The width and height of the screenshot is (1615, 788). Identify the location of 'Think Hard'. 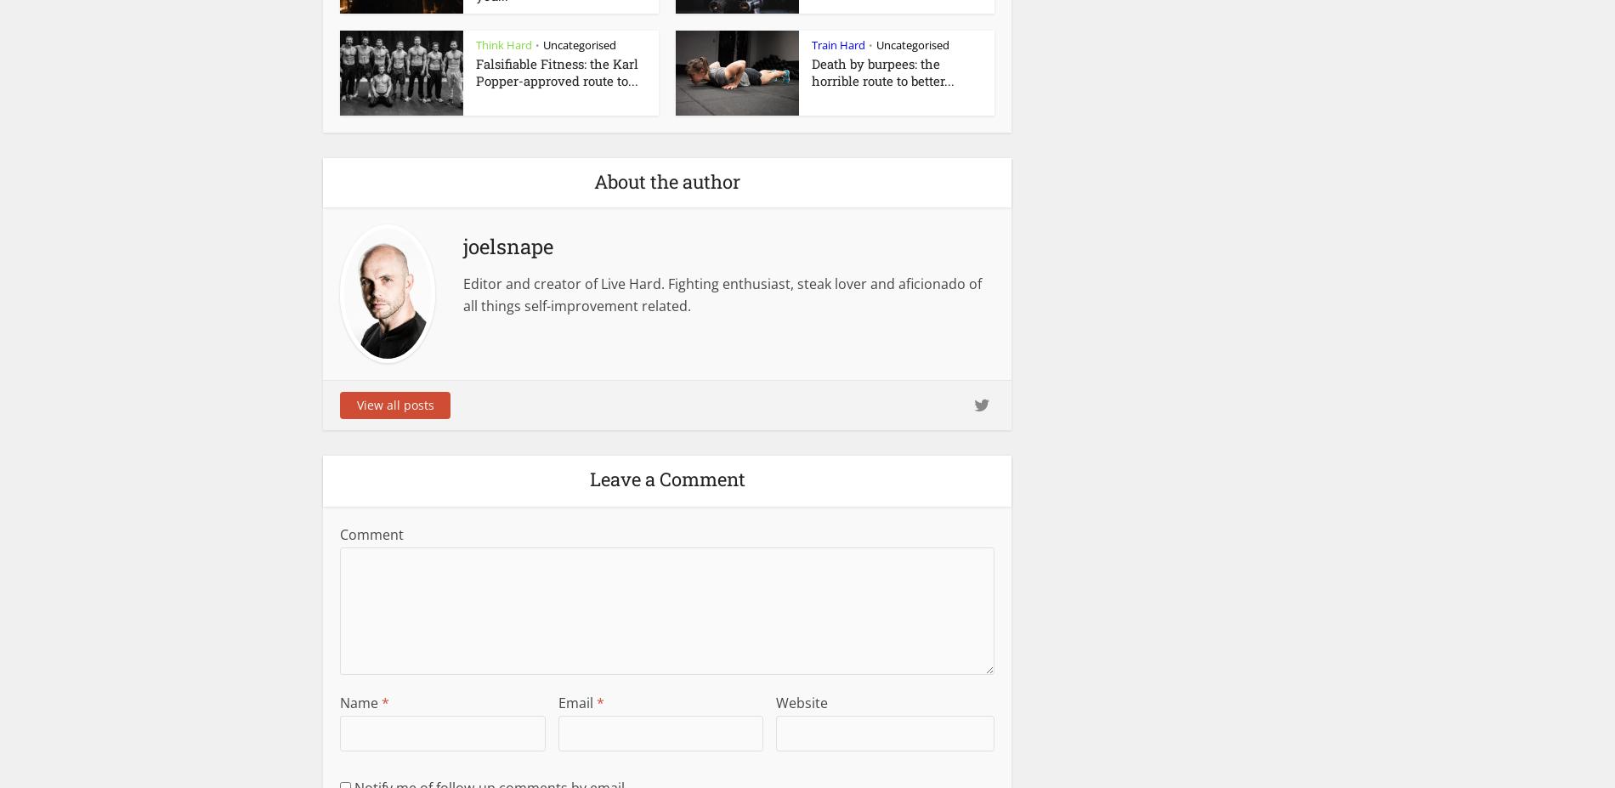
(503, 44).